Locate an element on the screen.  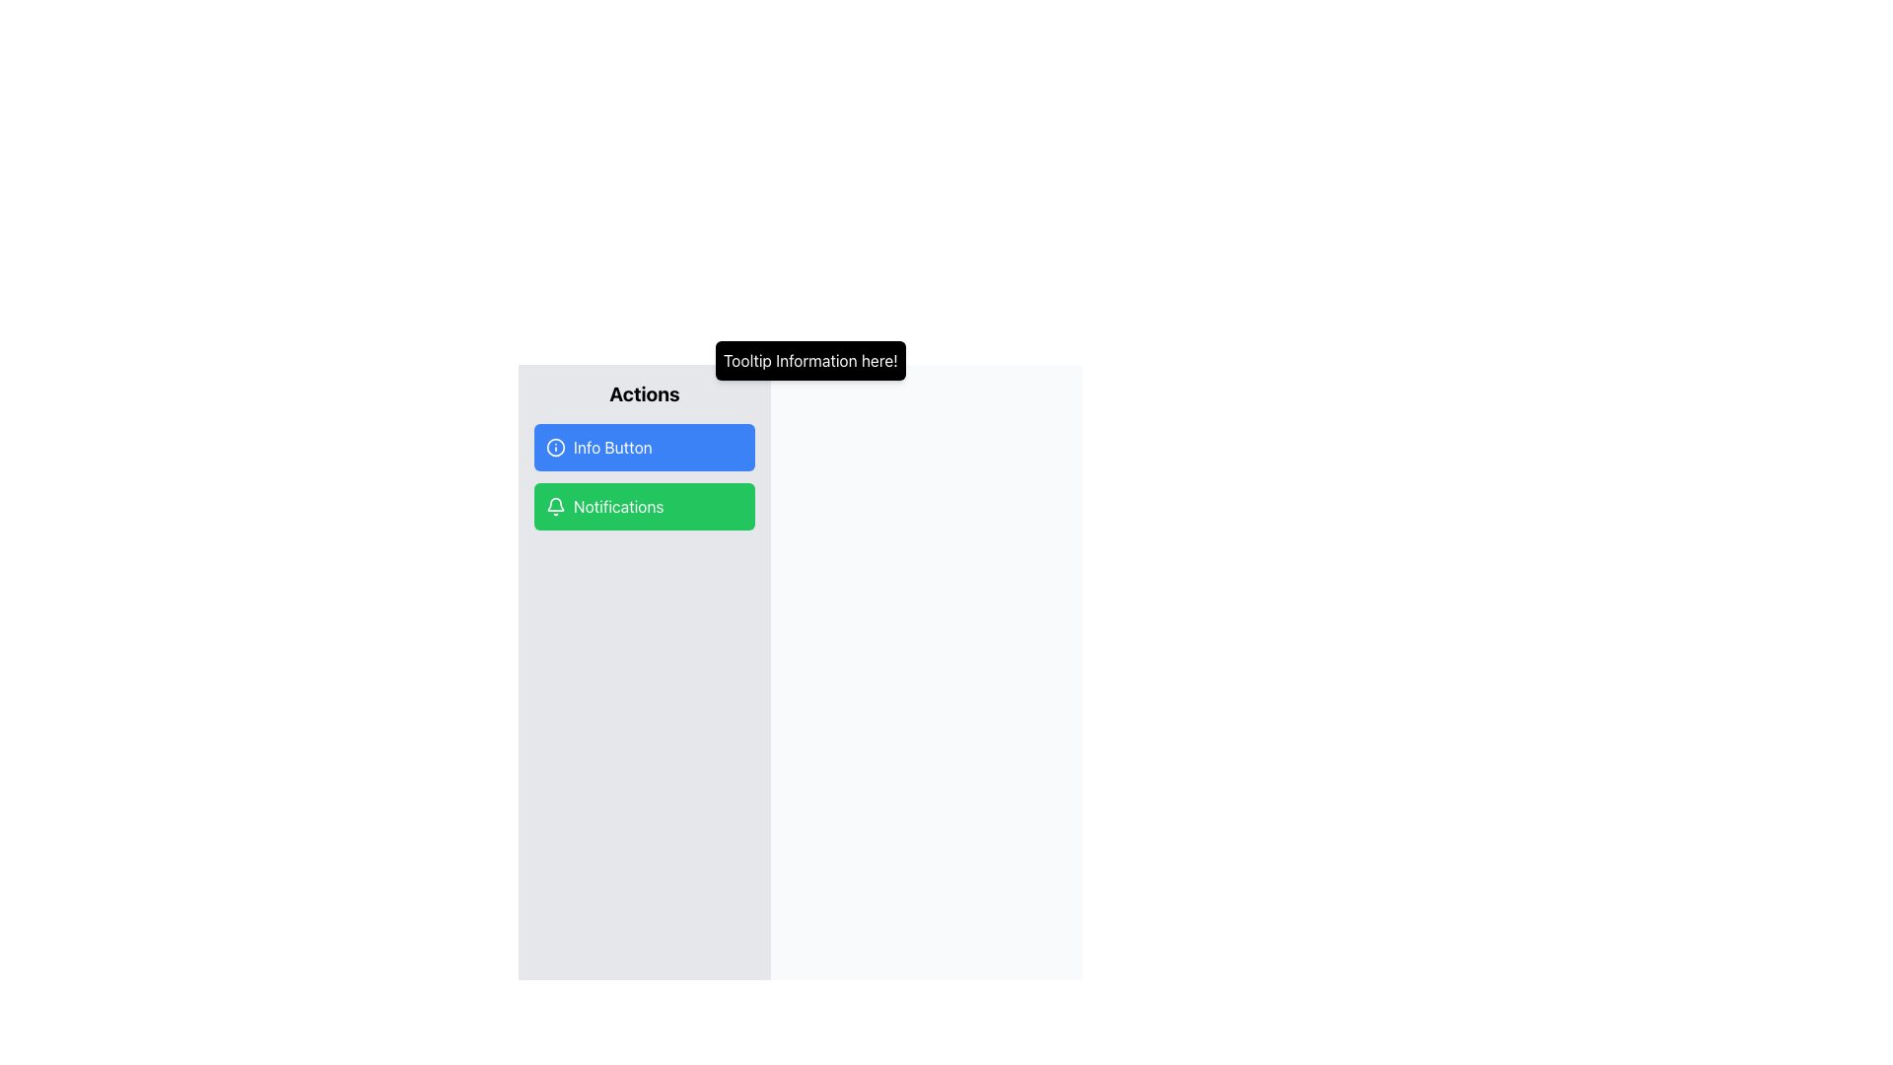
the green 'Notifications' button with rounded corners and white text located in the 'Actions' section below the 'Info Button' to observe any interaction effects is located at coordinates (644, 505).